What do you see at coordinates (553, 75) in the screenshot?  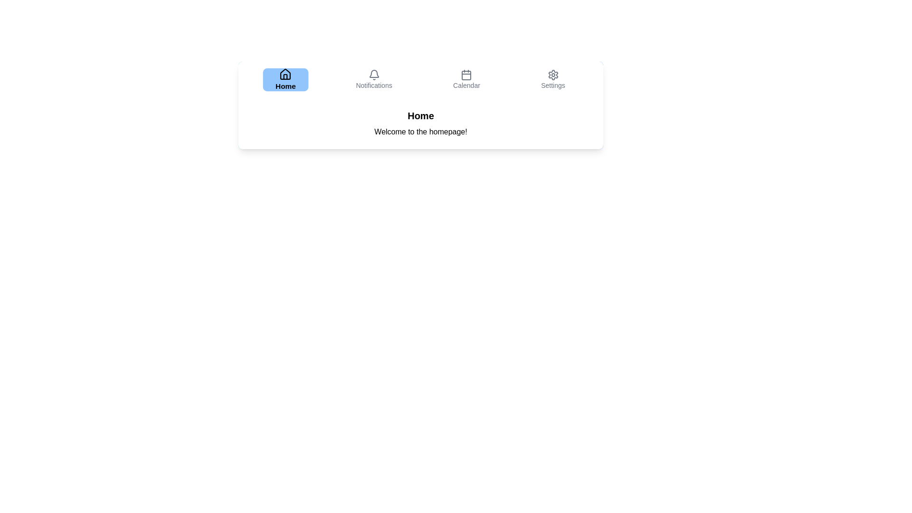 I see `the gear-like icon located in the top navigation bar to the far-right side, adjacent to the 'Settings' text` at bounding box center [553, 75].